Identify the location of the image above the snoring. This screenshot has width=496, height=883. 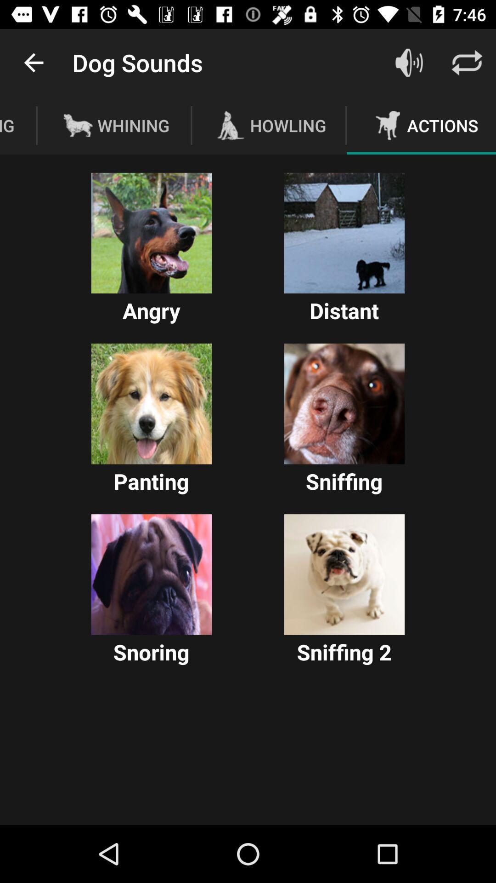
(151, 574).